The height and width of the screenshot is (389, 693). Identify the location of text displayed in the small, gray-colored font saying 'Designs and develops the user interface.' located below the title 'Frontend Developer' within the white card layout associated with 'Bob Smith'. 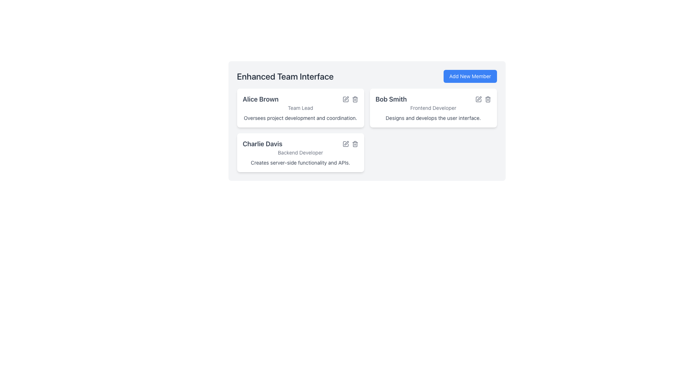
(433, 117).